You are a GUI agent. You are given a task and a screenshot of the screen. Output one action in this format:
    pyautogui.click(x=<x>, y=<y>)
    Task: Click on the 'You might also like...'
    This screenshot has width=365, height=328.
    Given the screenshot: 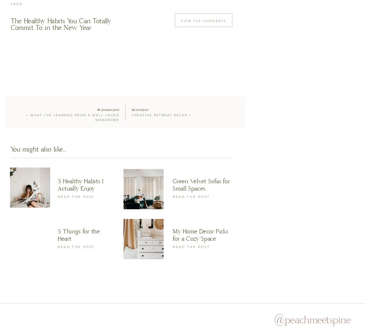 What is the action you would take?
    pyautogui.click(x=37, y=149)
    